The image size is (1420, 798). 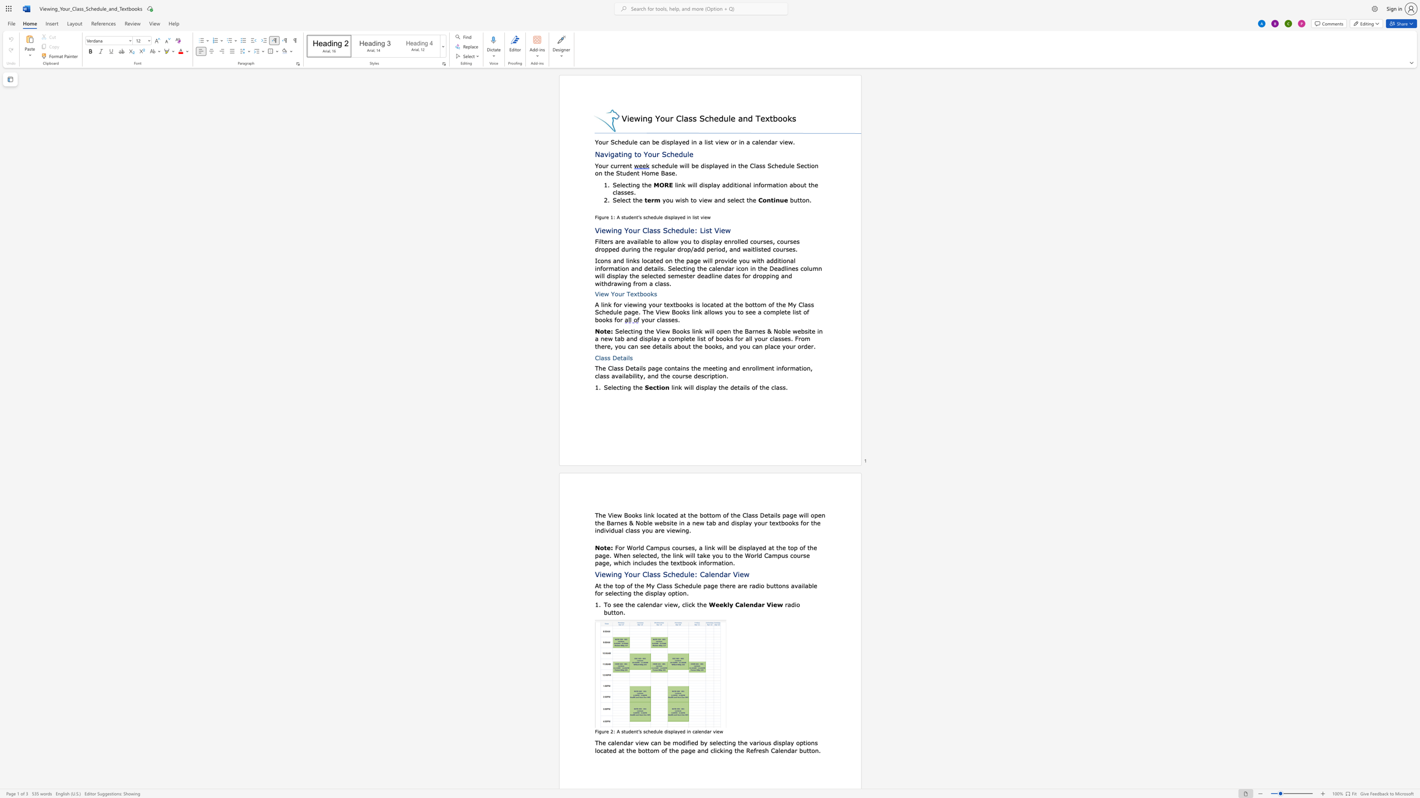 I want to click on the 2th character "h" in the text, so click(x=763, y=387).